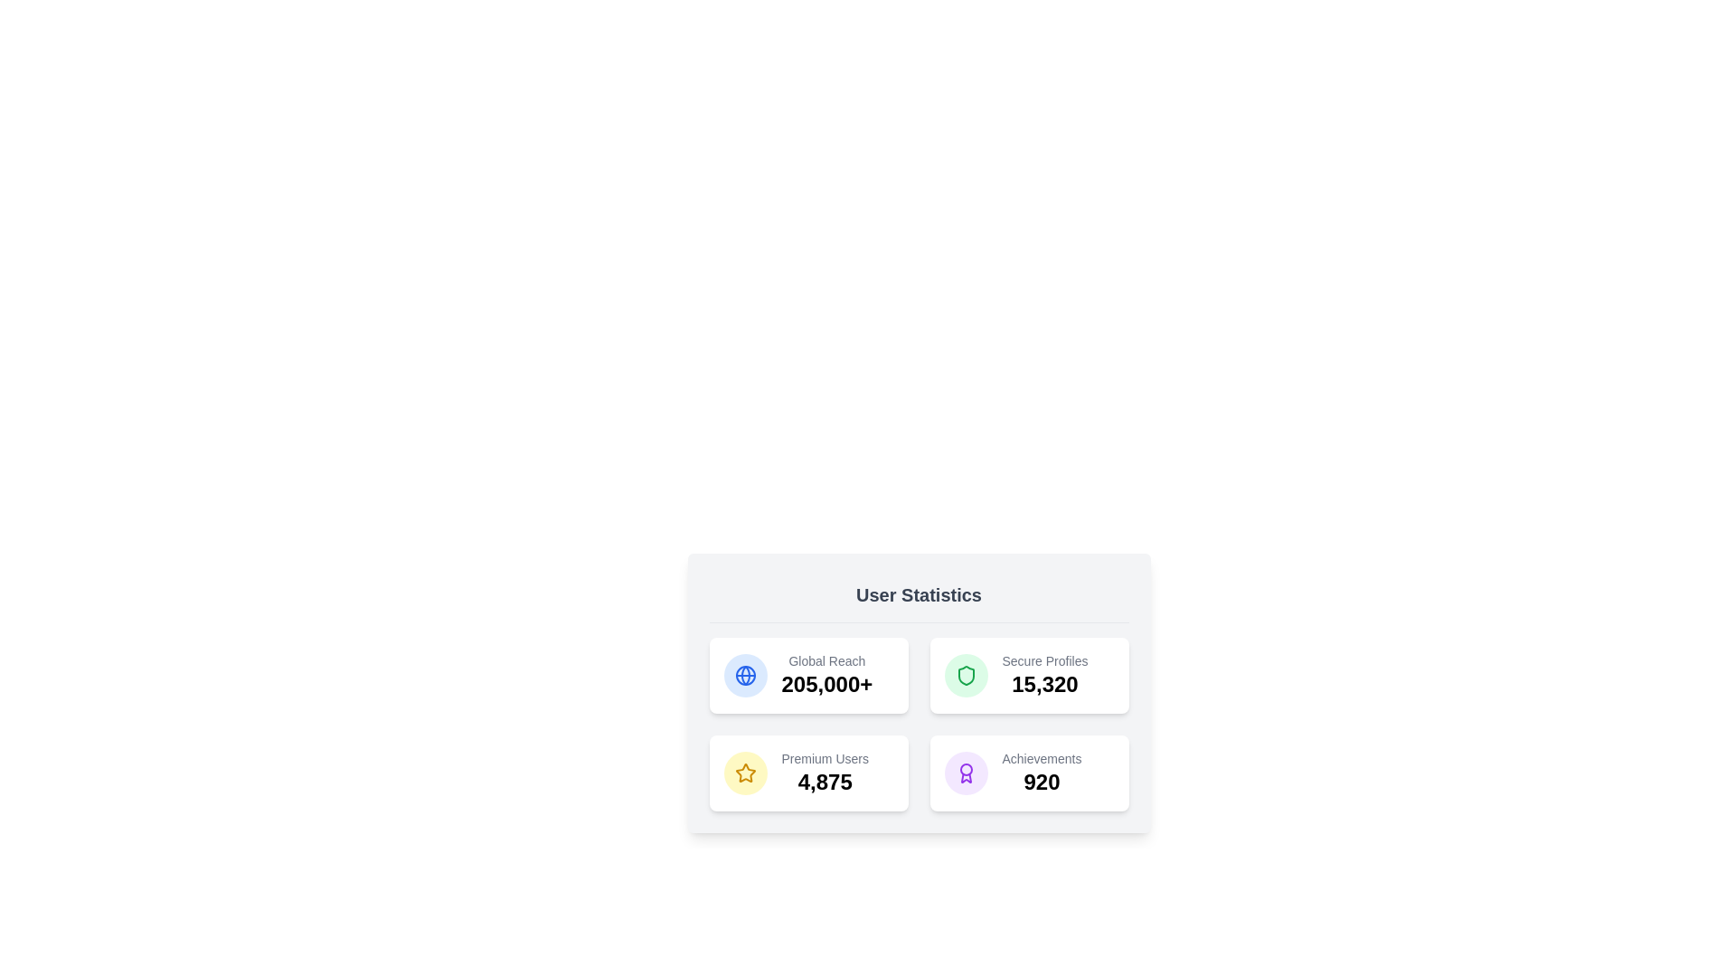 The width and height of the screenshot is (1736, 977). I want to click on the 'Secure Profiles' statistic information card located in the top-right section of the user statistics card, which displays the label 'Secure Profiles' and the numeric metric '15,320', so click(1045, 676).